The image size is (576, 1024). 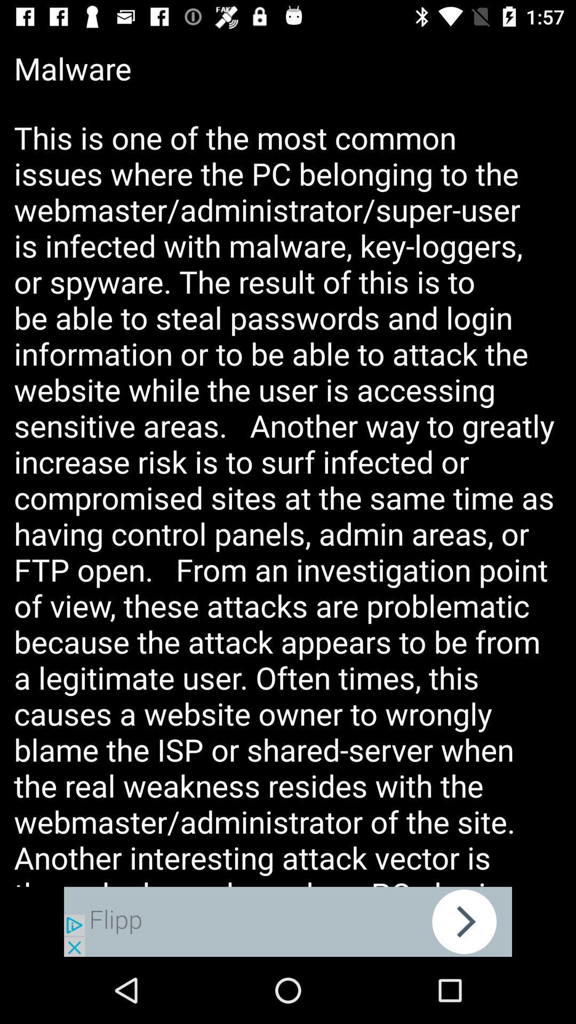 What do you see at coordinates (288, 921) in the screenshot?
I see `advertisements` at bounding box center [288, 921].